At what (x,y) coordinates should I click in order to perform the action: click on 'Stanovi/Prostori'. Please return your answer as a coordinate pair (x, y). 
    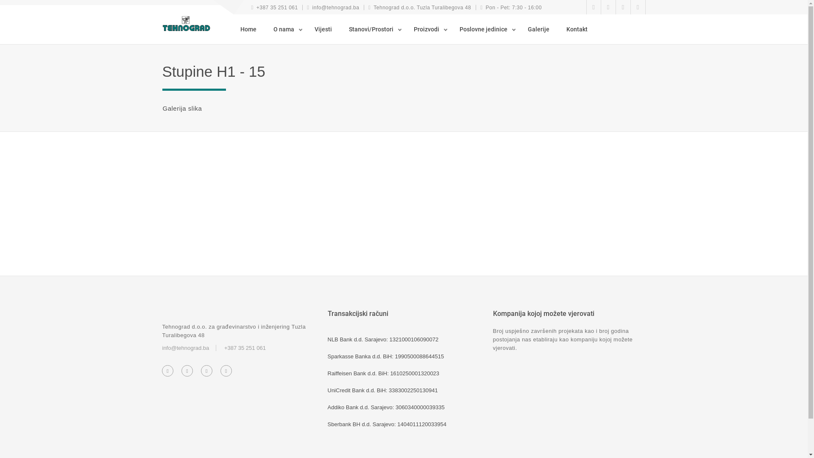
    Looking at the image, I should click on (342, 29).